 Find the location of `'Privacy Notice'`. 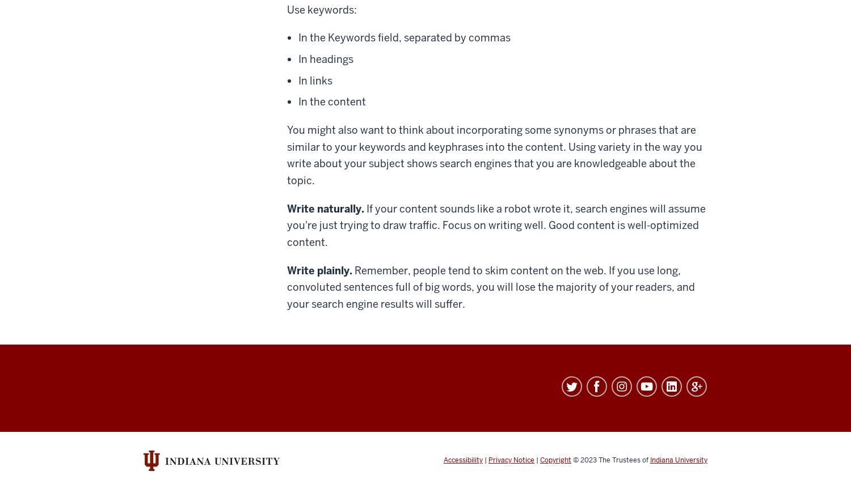

'Privacy Notice' is located at coordinates (511, 458).